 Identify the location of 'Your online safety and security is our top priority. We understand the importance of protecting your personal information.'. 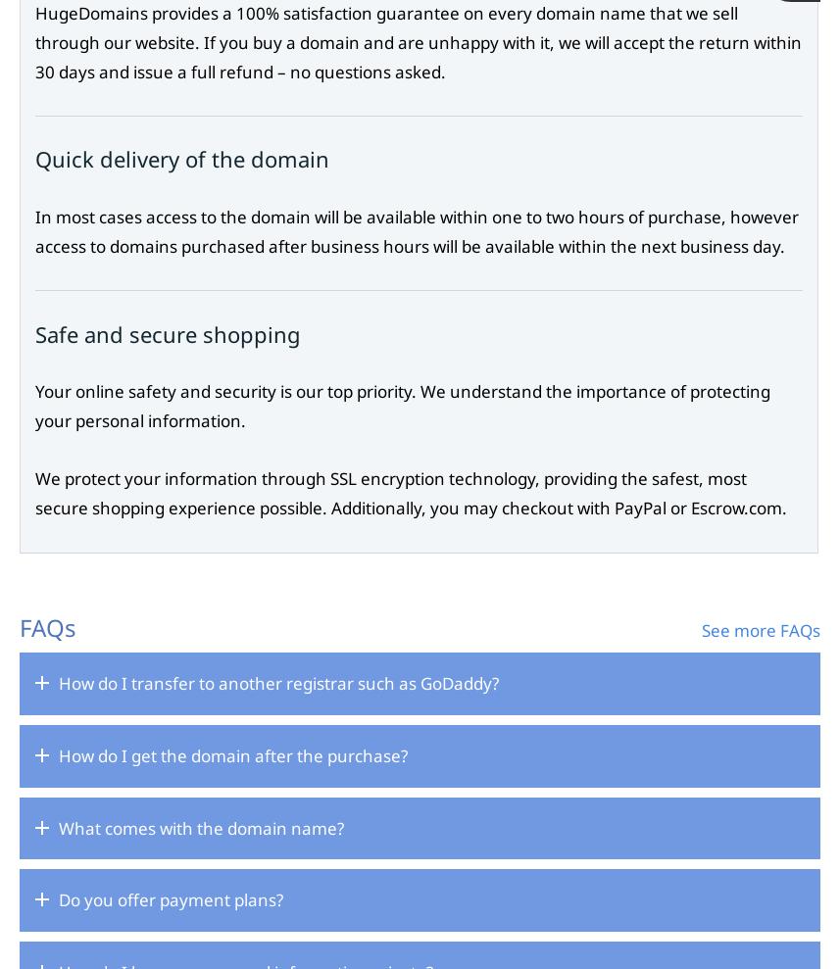
(34, 405).